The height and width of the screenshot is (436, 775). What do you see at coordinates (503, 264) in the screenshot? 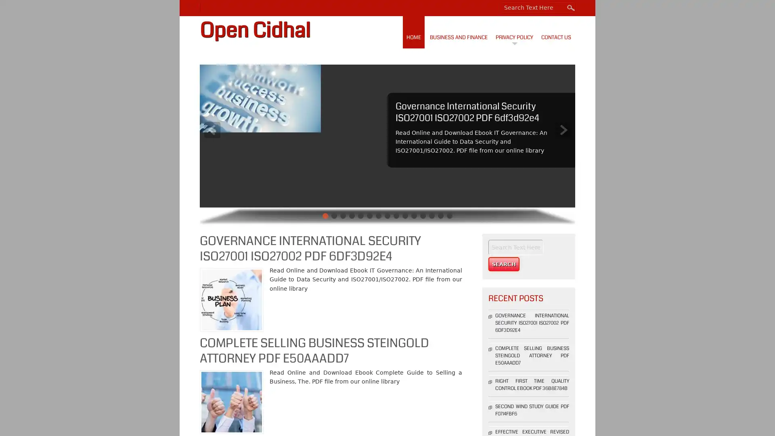
I see `Search` at bounding box center [503, 264].